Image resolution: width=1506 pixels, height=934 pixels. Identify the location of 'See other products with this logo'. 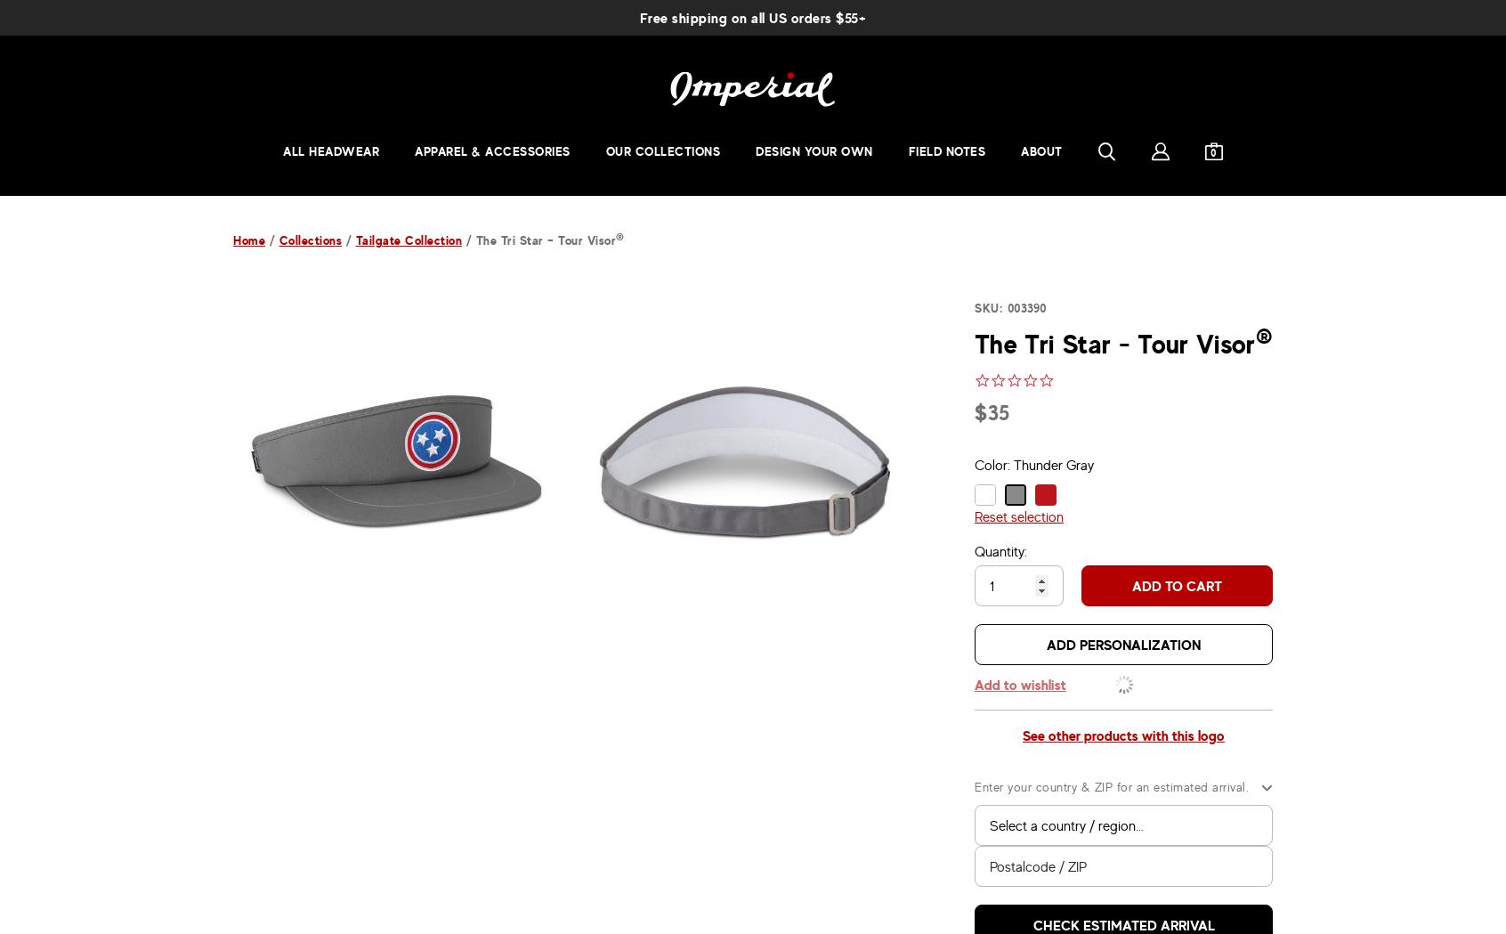
(1123, 734).